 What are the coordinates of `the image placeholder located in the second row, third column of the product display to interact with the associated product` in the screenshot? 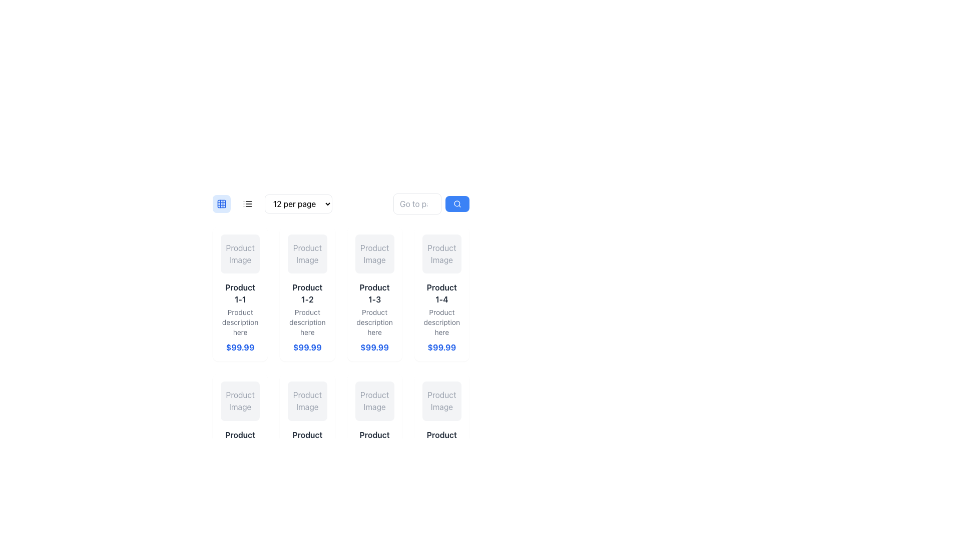 It's located at (374, 400).